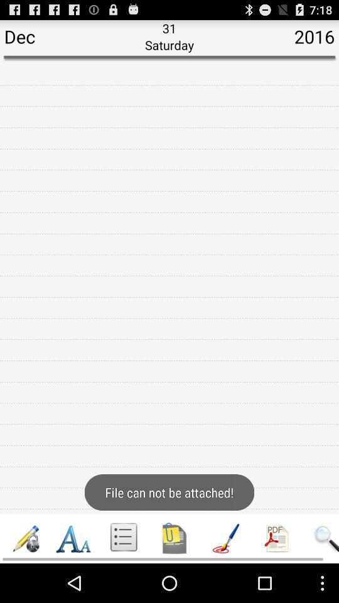  I want to click on the list icon, so click(124, 576).